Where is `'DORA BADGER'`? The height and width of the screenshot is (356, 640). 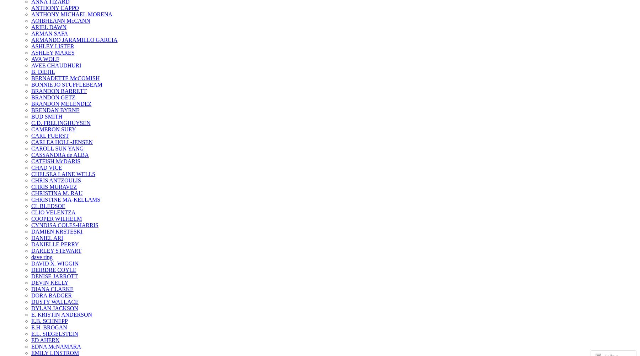 'DORA BADGER' is located at coordinates (52, 295).